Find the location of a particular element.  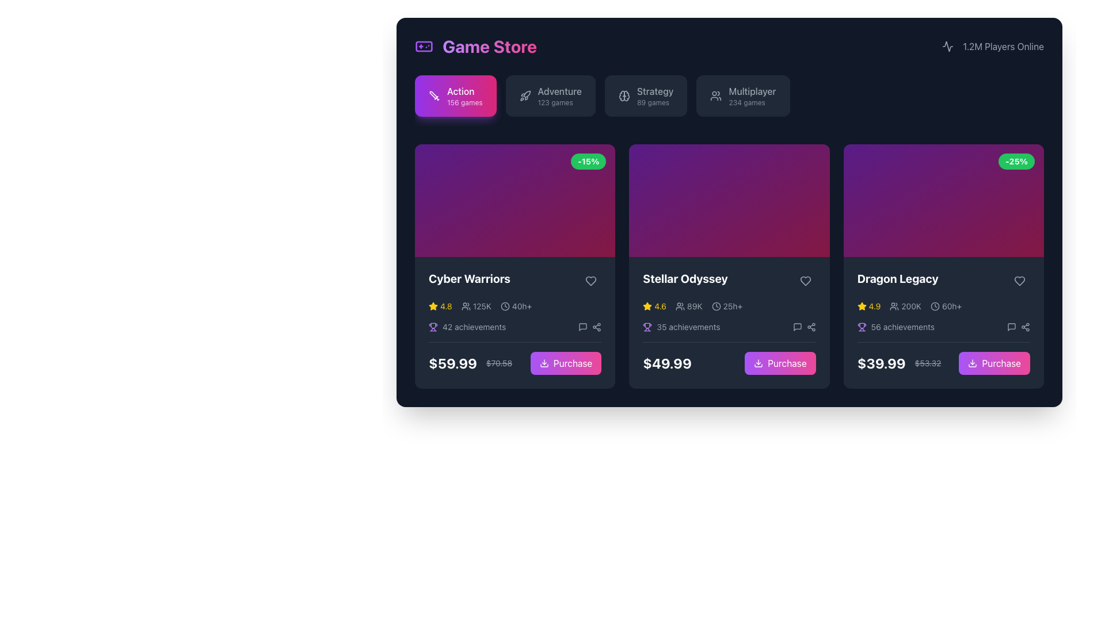

the purchase button for the game 'Cyber Warriors' to trigger hover effects is located at coordinates (573, 363).